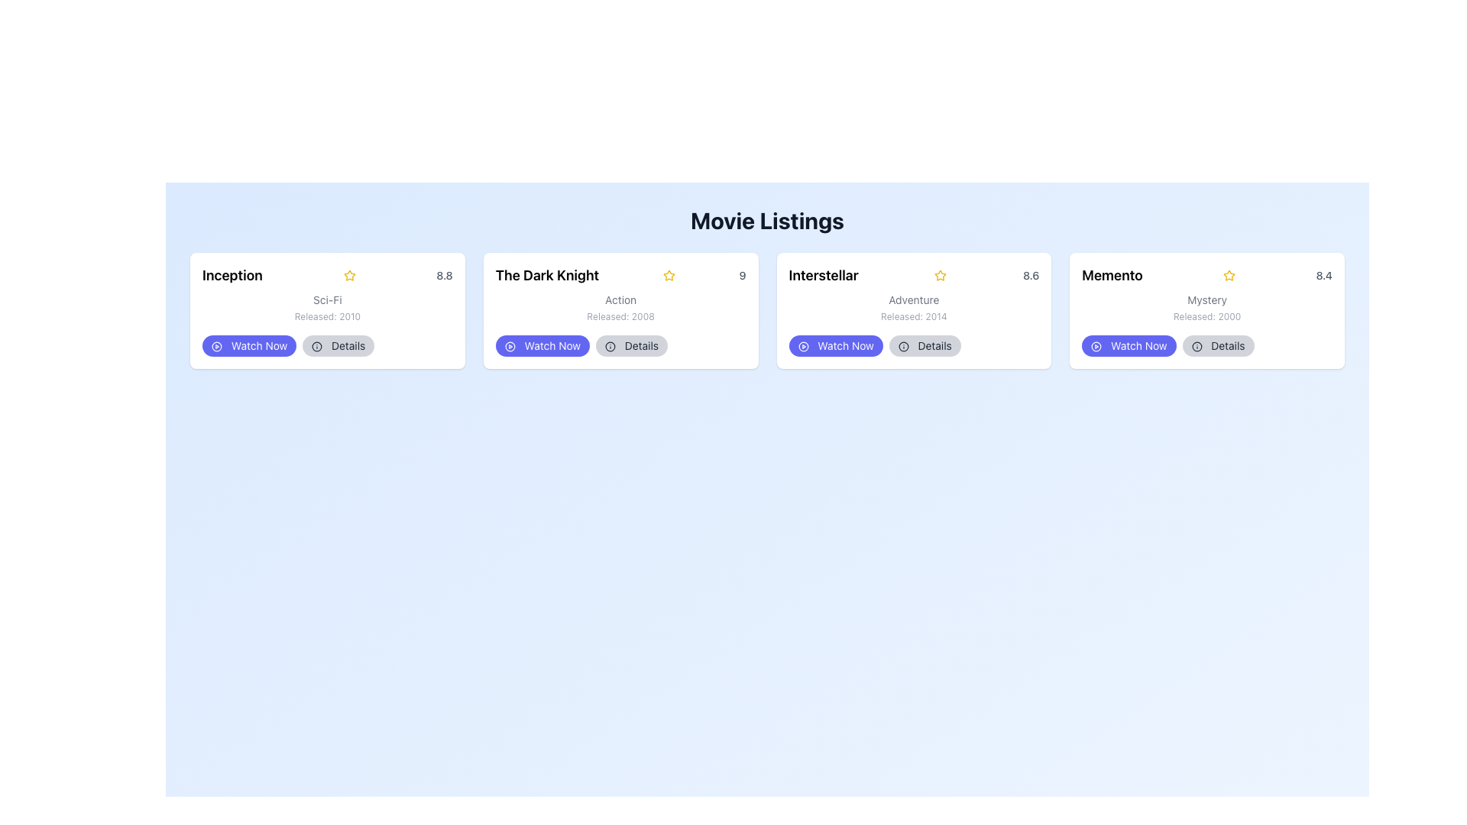 Image resolution: width=1467 pixels, height=825 pixels. Describe the element at coordinates (1096, 347) in the screenshot. I see `the circular icon button associated with the movie 'Memento' located in the fourth card of the movie listings` at that location.